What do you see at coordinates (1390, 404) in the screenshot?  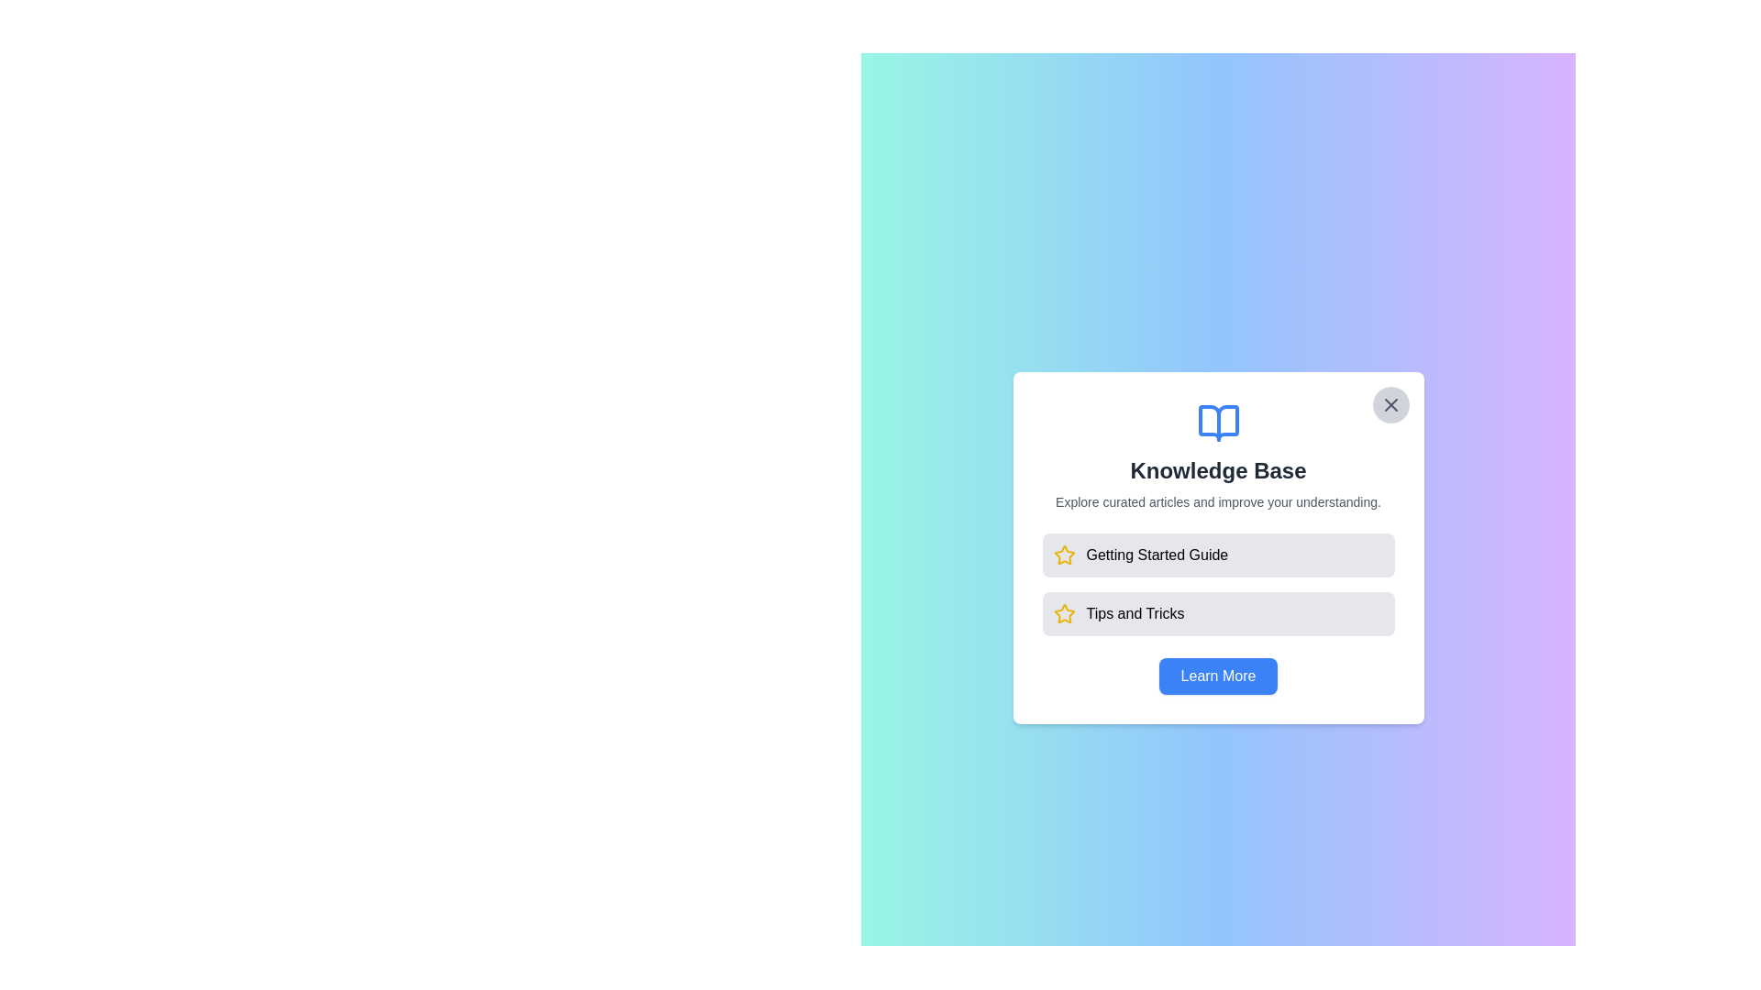 I see `the 'X' close icon located at the top-right corner of the content modal window` at bounding box center [1390, 404].